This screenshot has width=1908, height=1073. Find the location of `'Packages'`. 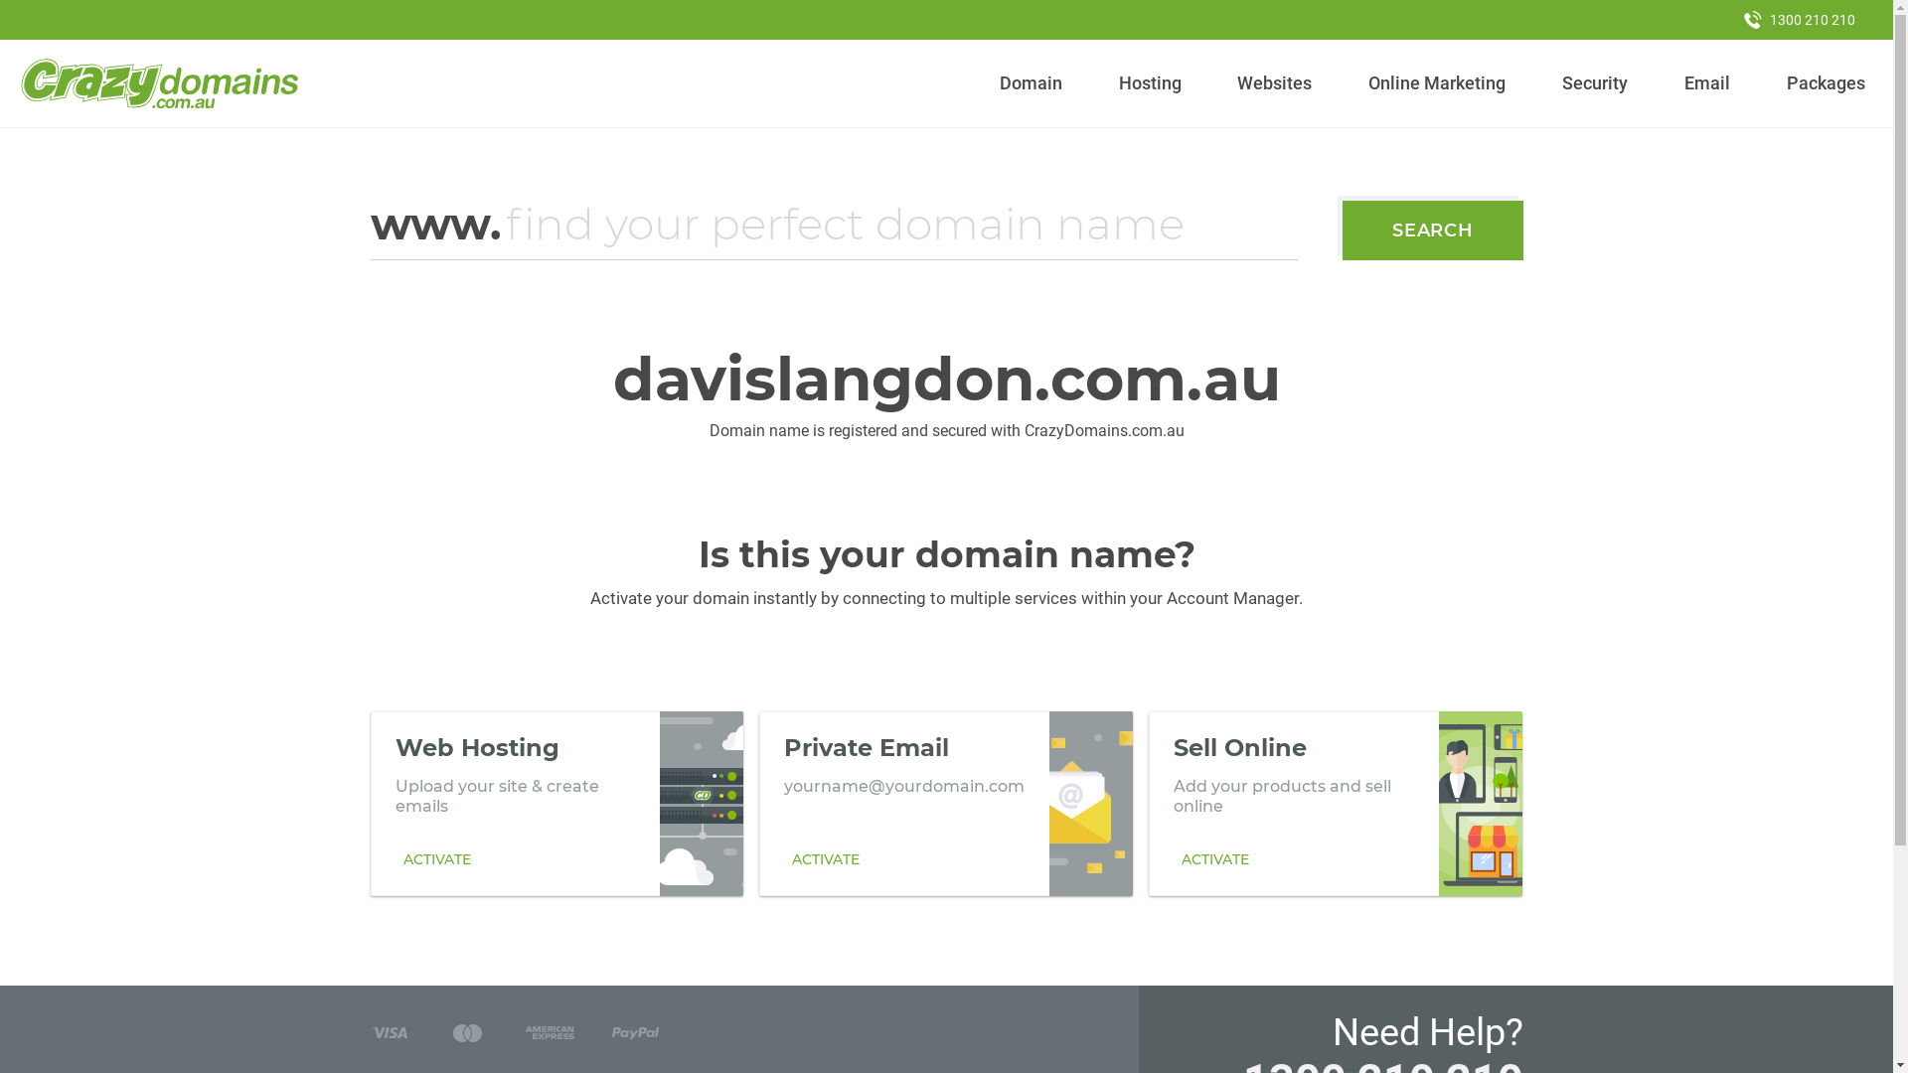

'Packages' is located at coordinates (1778, 82).